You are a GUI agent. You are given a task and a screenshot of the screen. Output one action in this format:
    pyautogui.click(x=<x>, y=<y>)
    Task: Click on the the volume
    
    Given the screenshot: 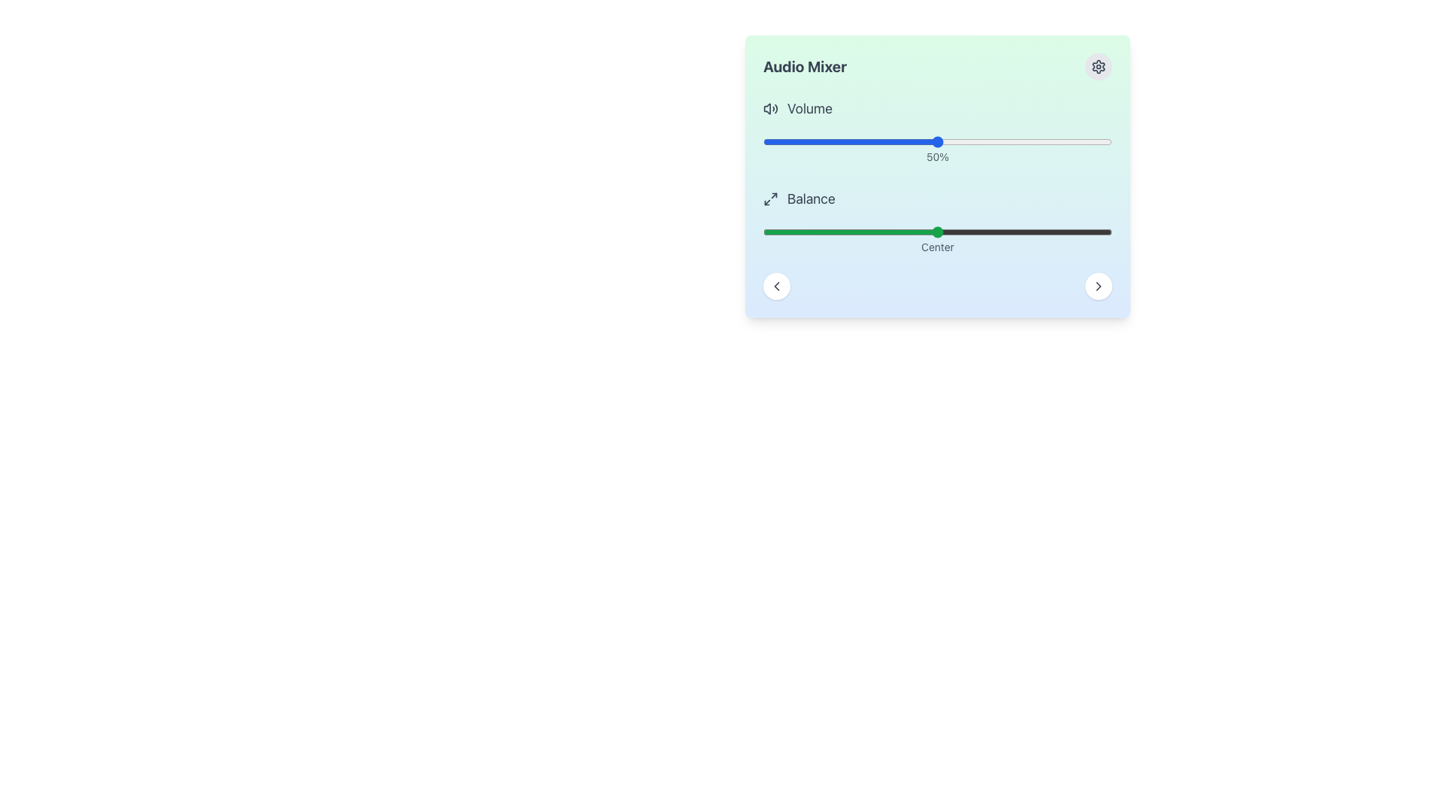 What is the action you would take?
    pyautogui.click(x=847, y=142)
    